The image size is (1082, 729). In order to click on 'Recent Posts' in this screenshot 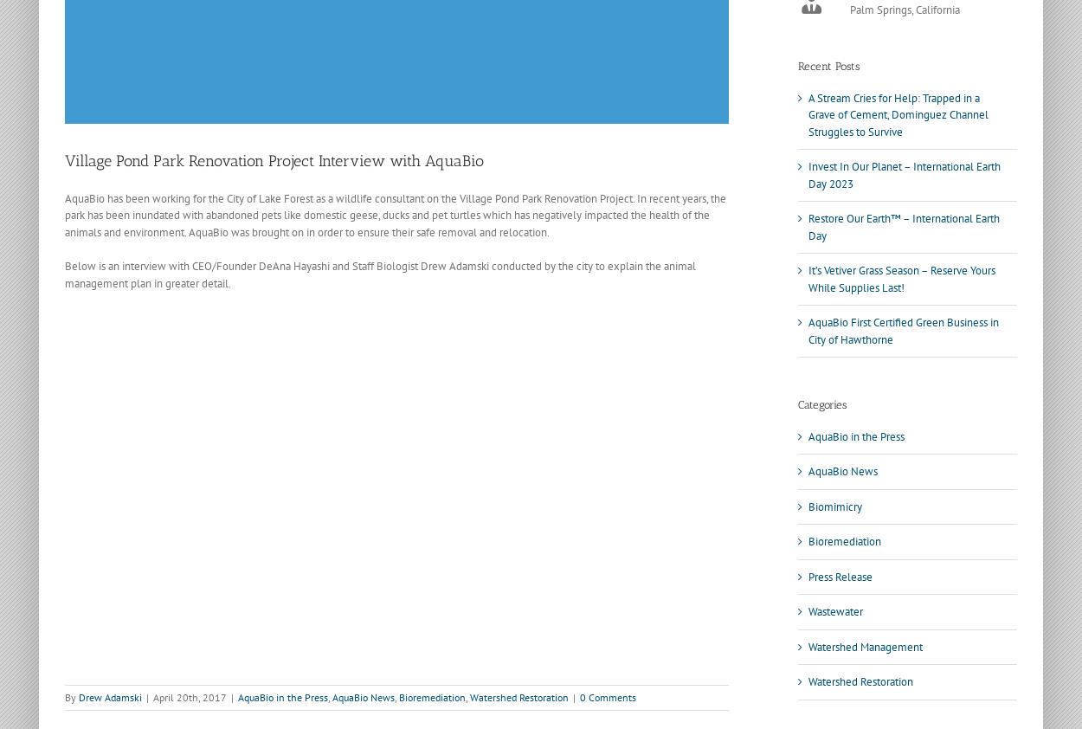, I will do `click(798, 64)`.